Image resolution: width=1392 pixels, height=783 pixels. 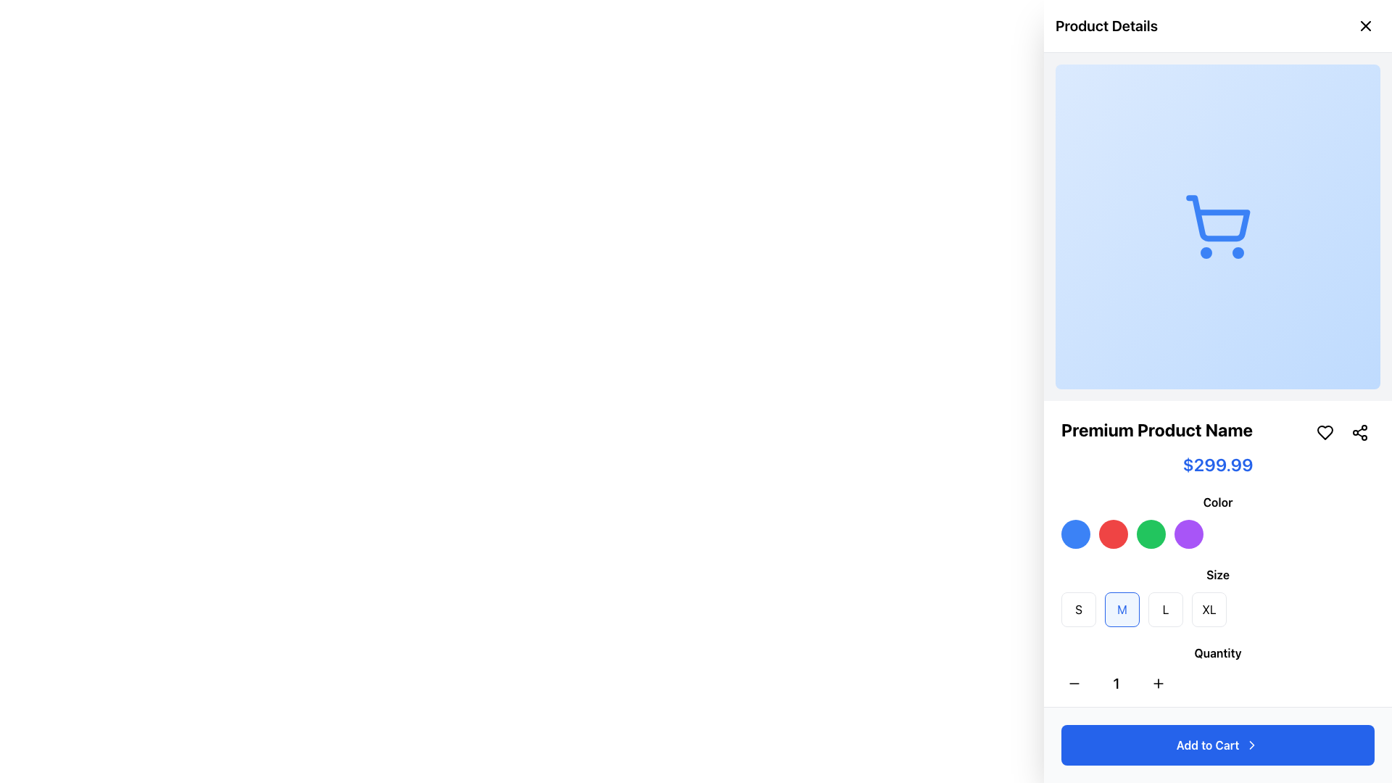 I want to click on the circular '+' button located in the 'Quantity' section, so click(x=1158, y=683).